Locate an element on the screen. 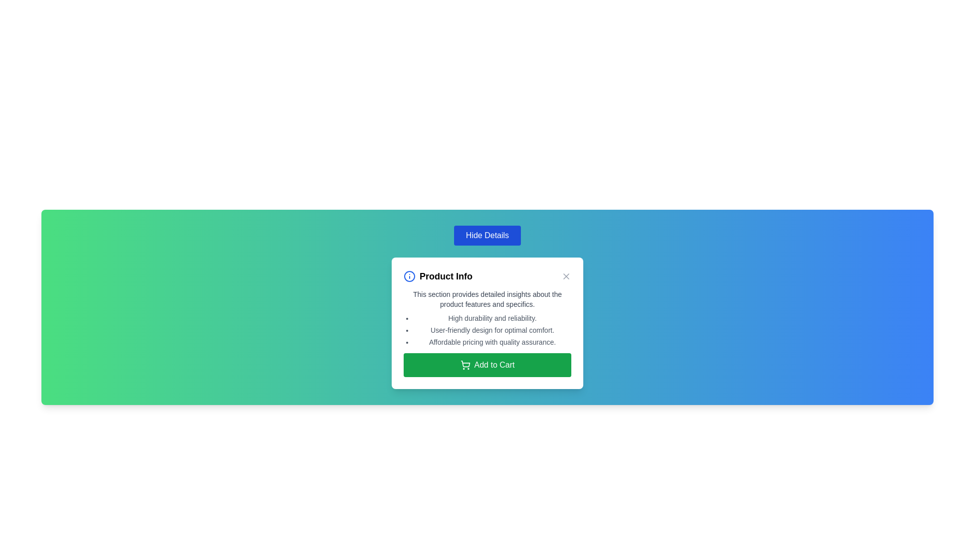  the second item in the bulleted list within the 'Product Info' modal, which highlights the feature 'High durability and reliability.' is located at coordinates (492, 330).